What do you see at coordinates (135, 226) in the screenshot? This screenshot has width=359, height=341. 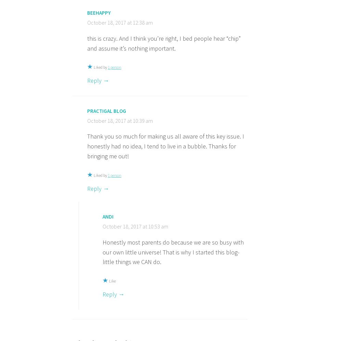 I see `'October 18, 2017 at 10:53 am'` at bounding box center [135, 226].